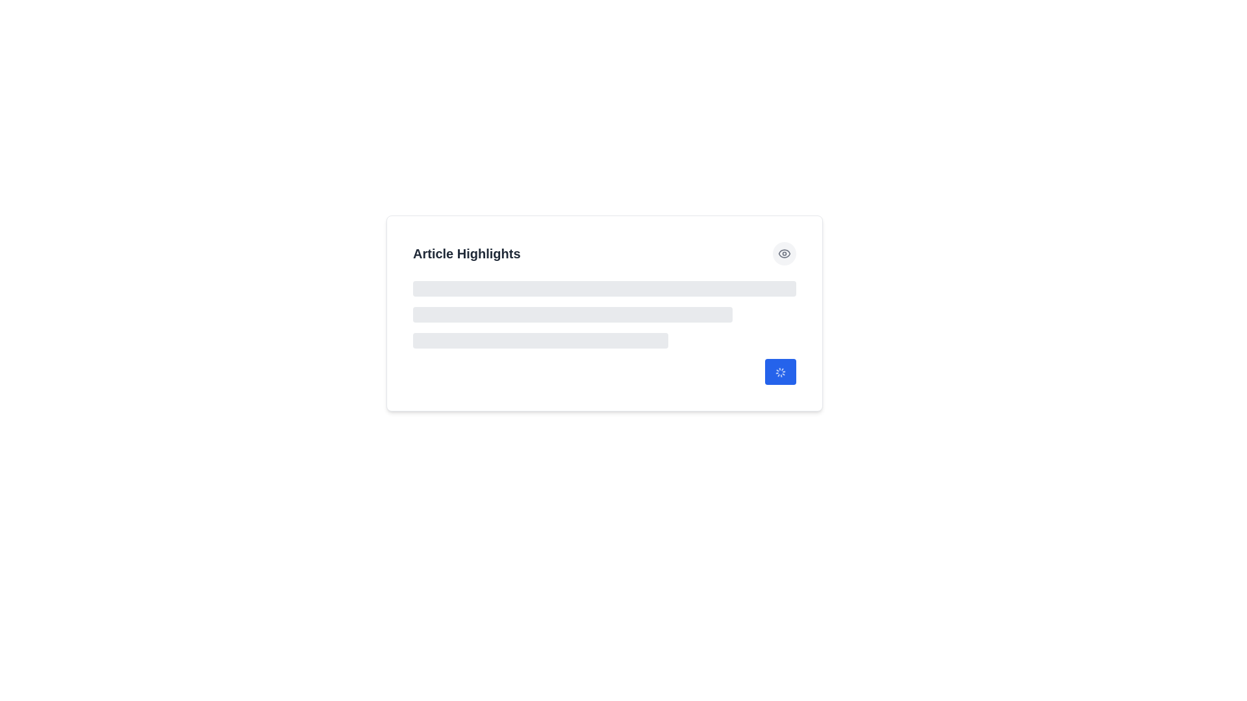 Image resolution: width=1247 pixels, height=701 pixels. What do you see at coordinates (779, 372) in the screenshot?
I see `the small, spinning loader icon located at the bottom-right corner of the 'Article Highlights' section` at bounding box center [779, 372].